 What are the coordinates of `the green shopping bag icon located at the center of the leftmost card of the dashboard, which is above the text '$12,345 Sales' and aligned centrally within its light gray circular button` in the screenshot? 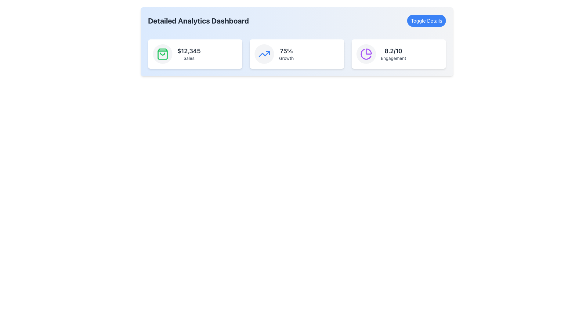 It's located at (162, 54).